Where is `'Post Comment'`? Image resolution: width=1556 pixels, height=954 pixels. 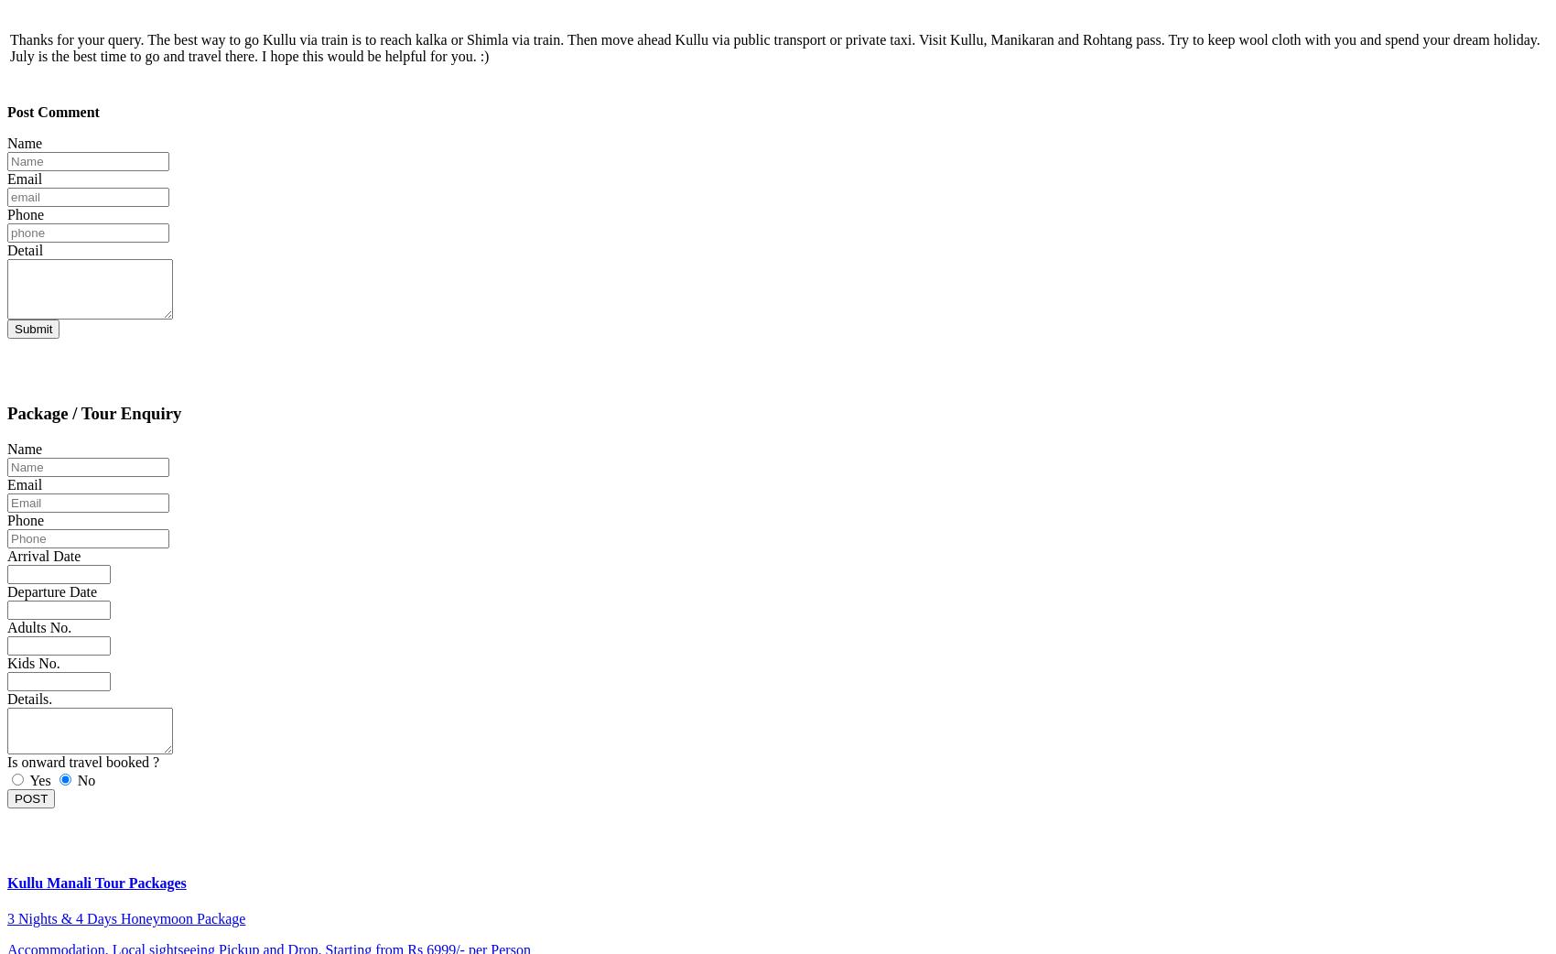
'Post Comment' is located at coordinates (6, 112).